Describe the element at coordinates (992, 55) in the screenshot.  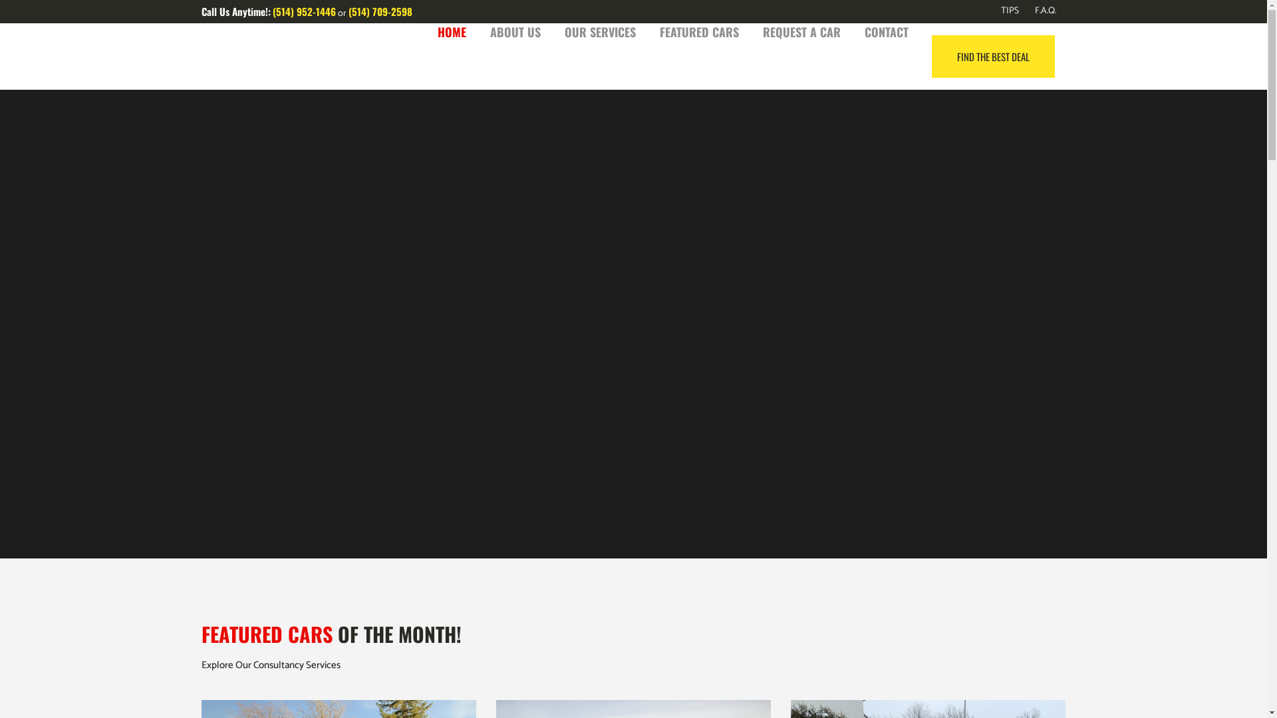
I see `'FIND THE BEST DEAL'` at that location.